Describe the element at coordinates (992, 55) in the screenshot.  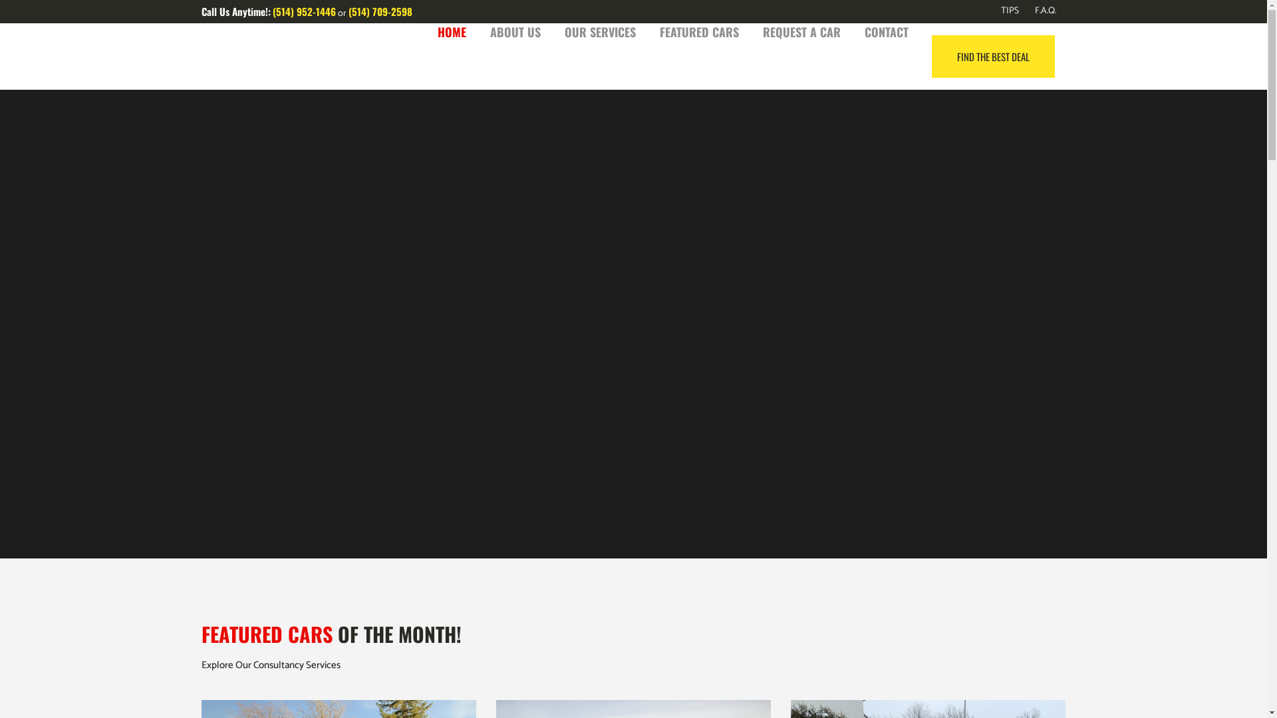
I see `'FIND THE BEST DEAL'` at that location.